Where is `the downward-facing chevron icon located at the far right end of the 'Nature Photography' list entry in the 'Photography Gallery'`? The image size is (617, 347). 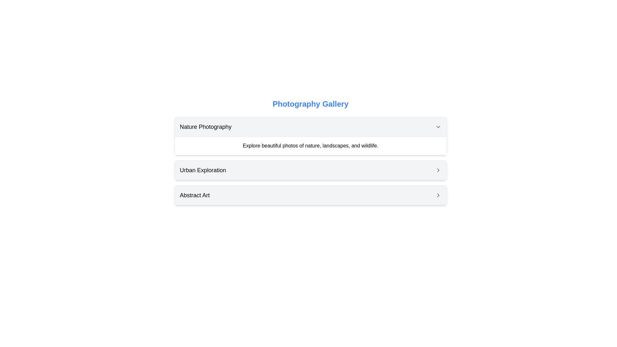
the downward-facing chevron icon located at the far right end of the 'Nature Photography' list entry in the 'Photography Gallery' is located at coordinates (438, 127).